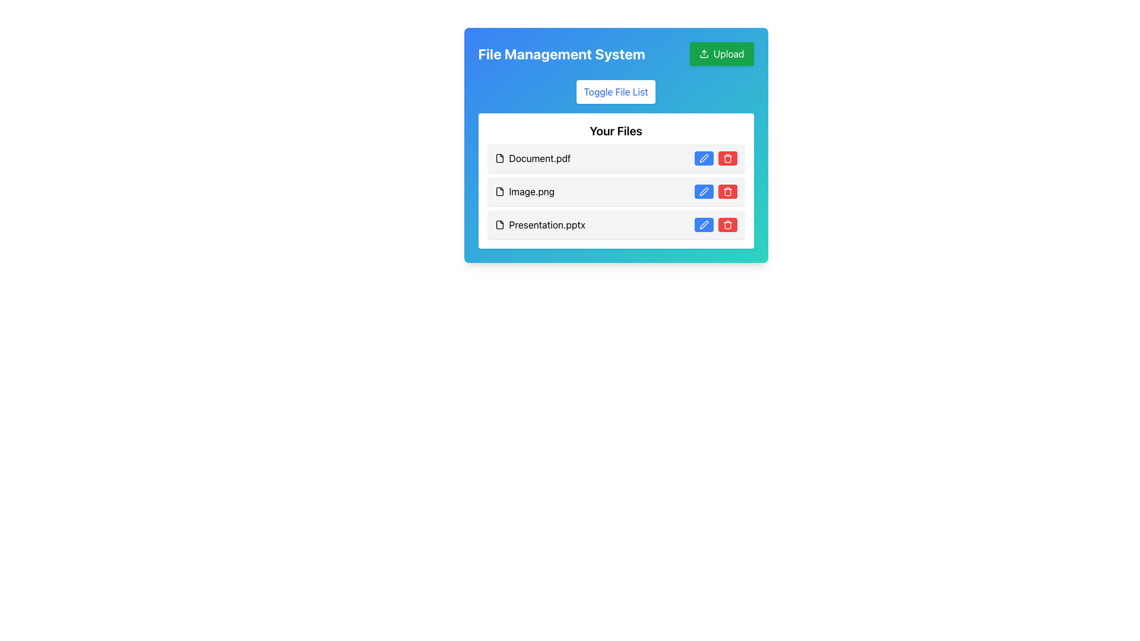  What do you see at coordinates (616, 191) in the screenshot?
I see `the List Item representing the file entry 'Image.png'` at bounding box center [616, 191].